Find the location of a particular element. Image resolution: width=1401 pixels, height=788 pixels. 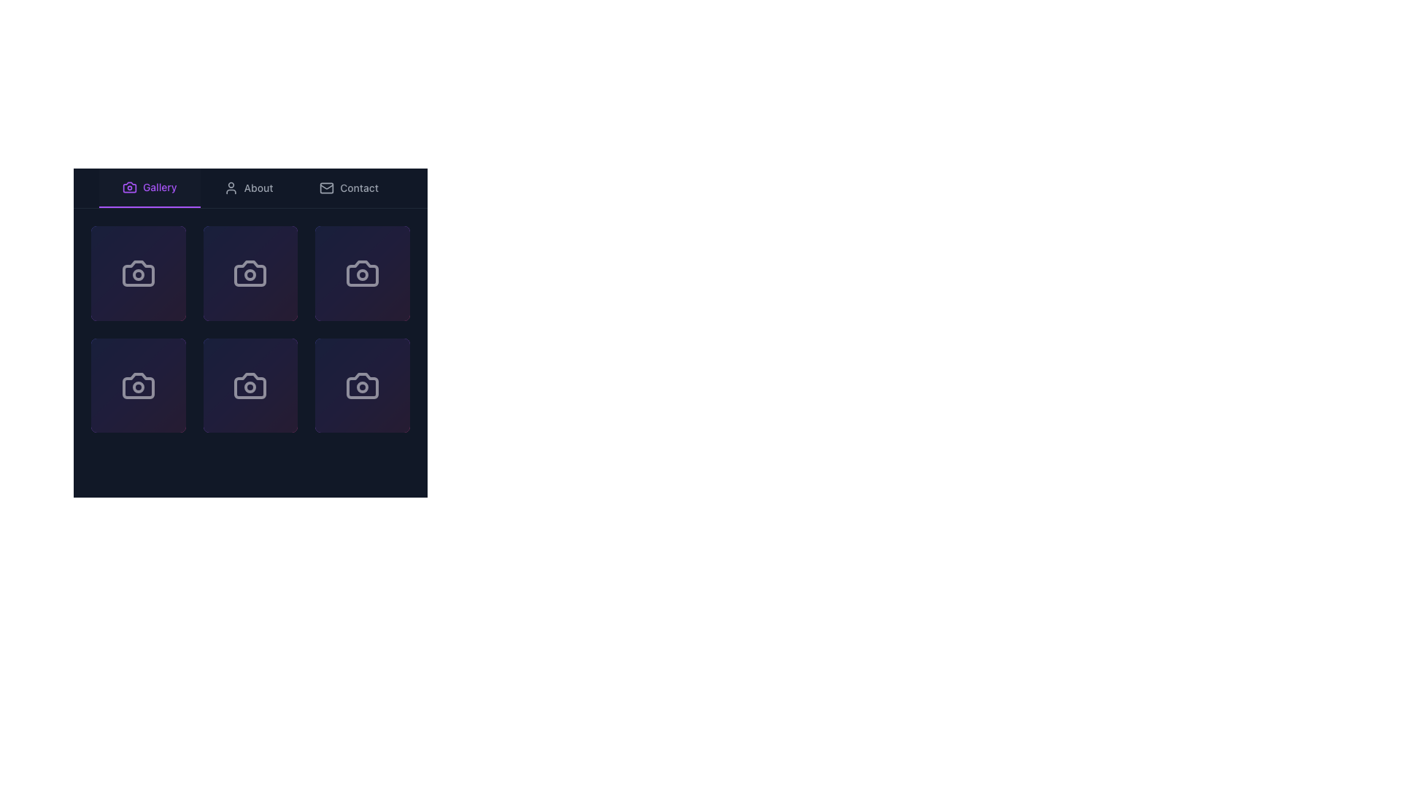

the center of the square-shaped button with a gradient background transitioning from indigo to pink, which features a centered white camera icon is located at coordinates (138, 273).